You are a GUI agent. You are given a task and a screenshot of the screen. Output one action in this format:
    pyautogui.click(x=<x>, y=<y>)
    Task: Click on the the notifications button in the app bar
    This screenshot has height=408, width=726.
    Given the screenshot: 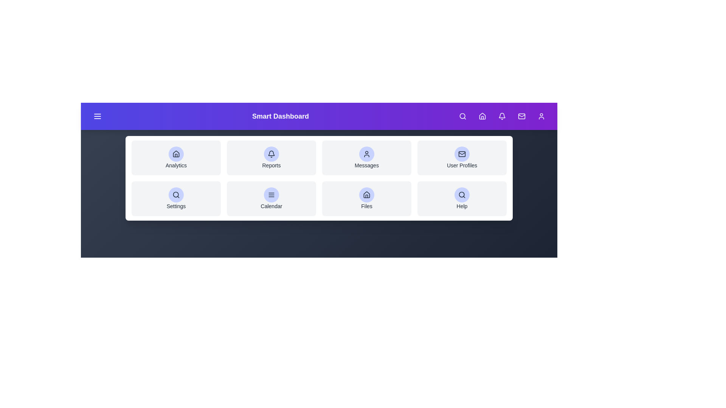 What is the action you would take?
    pyautogui.click(x=502, y=116)
    